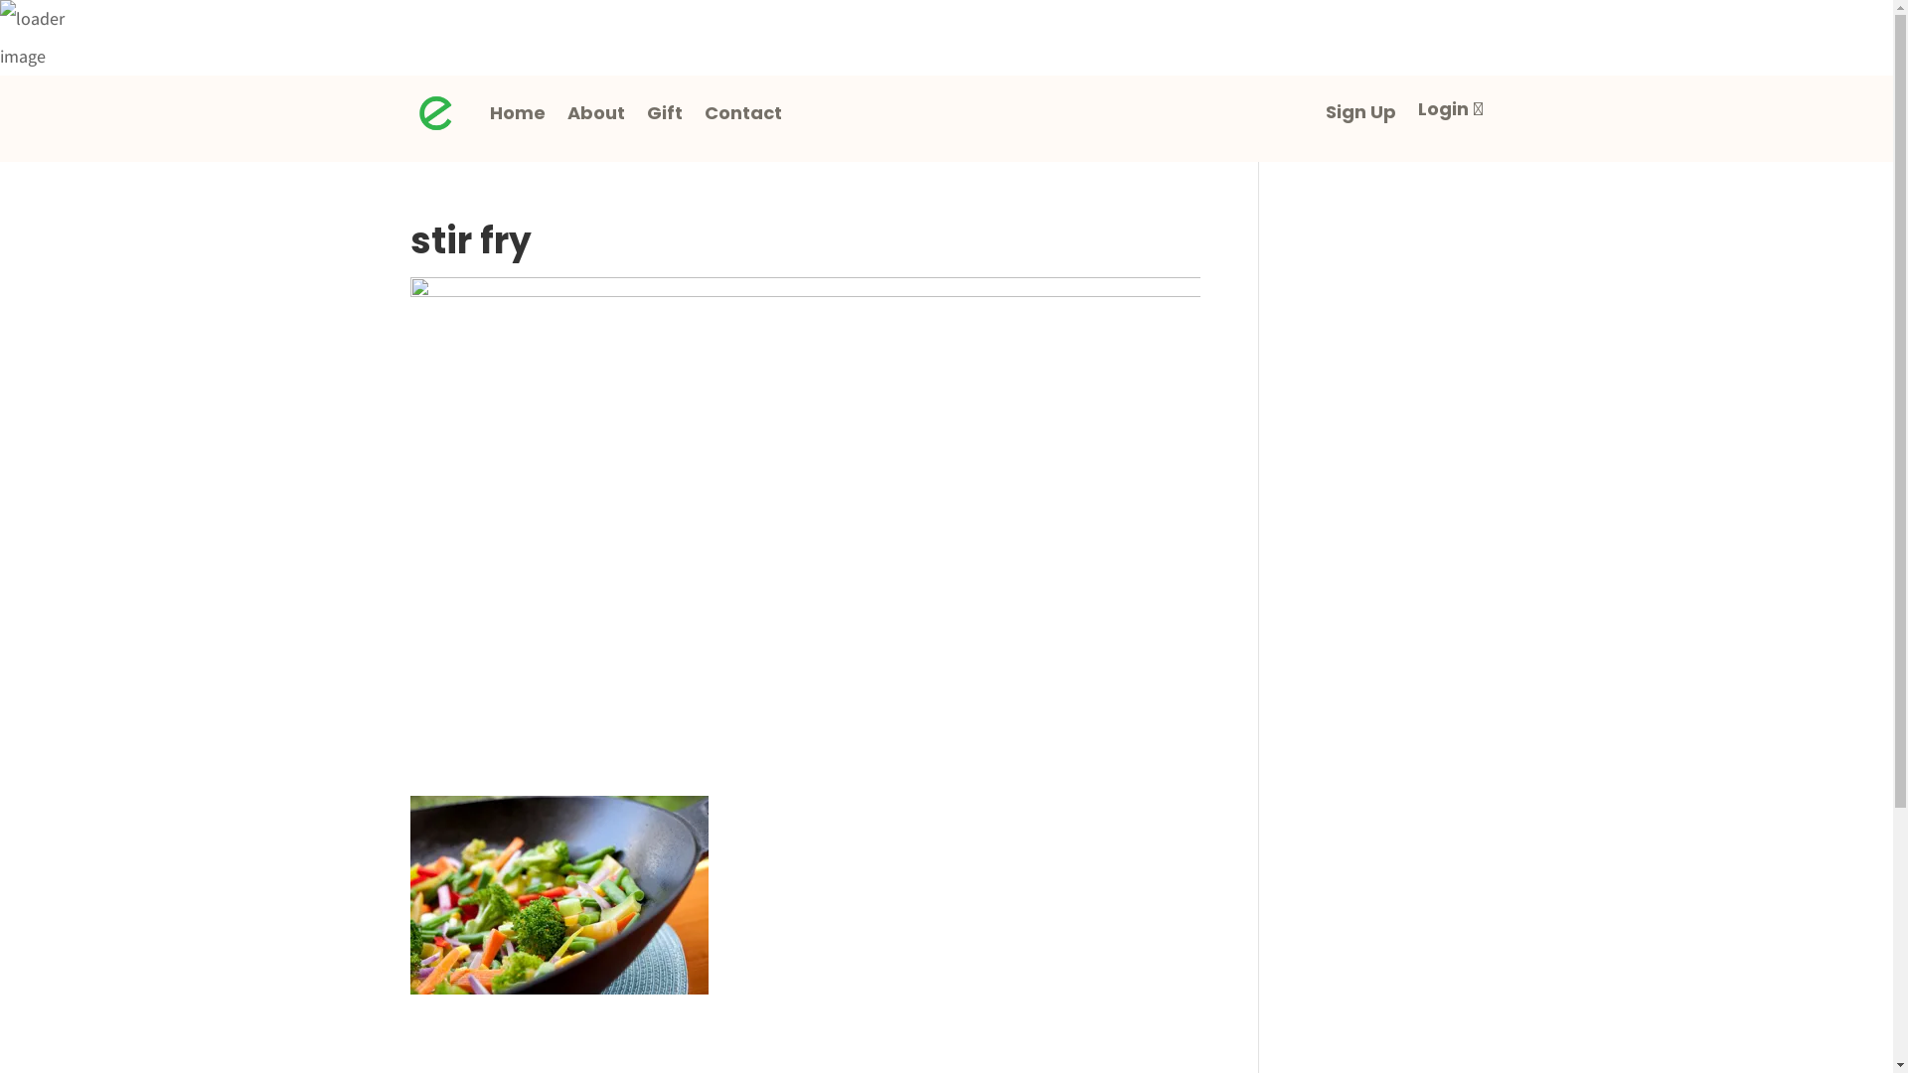 The image size is (1908, 1073). I want to click on 'Gift', so click(663, 113).